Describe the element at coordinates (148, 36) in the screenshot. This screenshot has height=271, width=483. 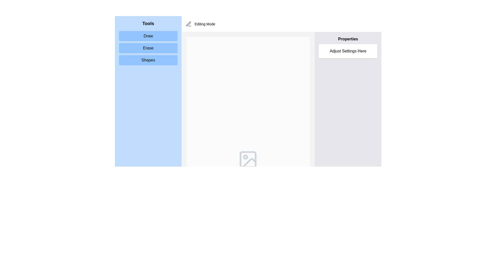
I see `the 'Draw' button located in the light blue column on the left side of the interface` at that location.